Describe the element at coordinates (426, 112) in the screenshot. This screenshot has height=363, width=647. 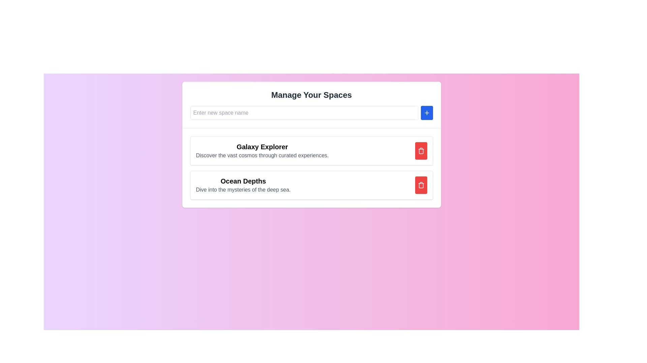
I see `the plus icon within the rounded blue button` at that location.